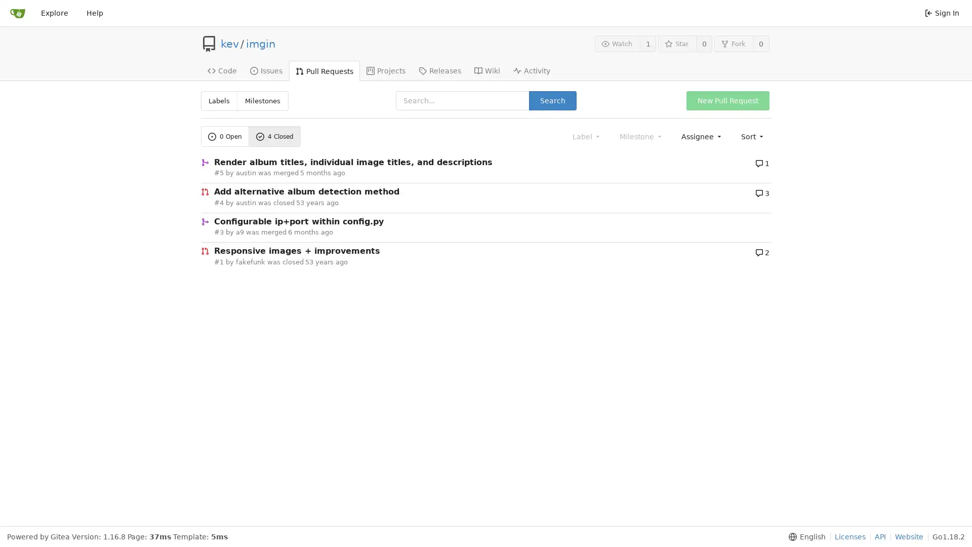 This screenshot has width=972, height=547. What do you see at coordinates (617, 43) in the screenshot?
I see `Watch` at bounding box center [617, 43].